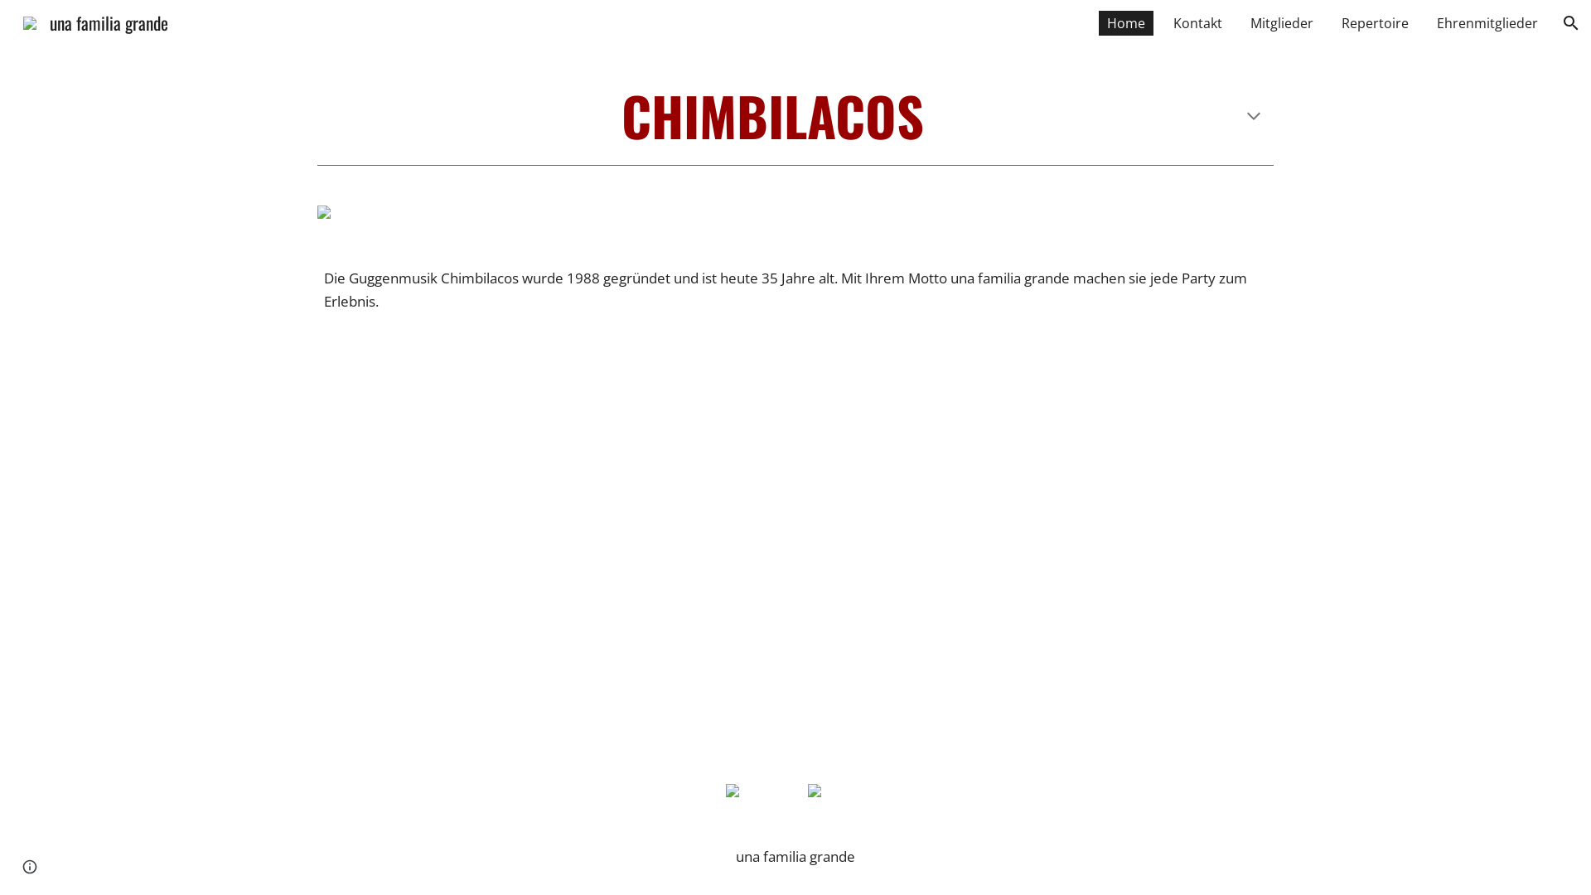 Image resolution: width=1591 pixels, height=895 pixels. What do you see at coordinates (12, 20) in the screenshot?
I see `'una familia grande'` at bounding box center [12, 20].